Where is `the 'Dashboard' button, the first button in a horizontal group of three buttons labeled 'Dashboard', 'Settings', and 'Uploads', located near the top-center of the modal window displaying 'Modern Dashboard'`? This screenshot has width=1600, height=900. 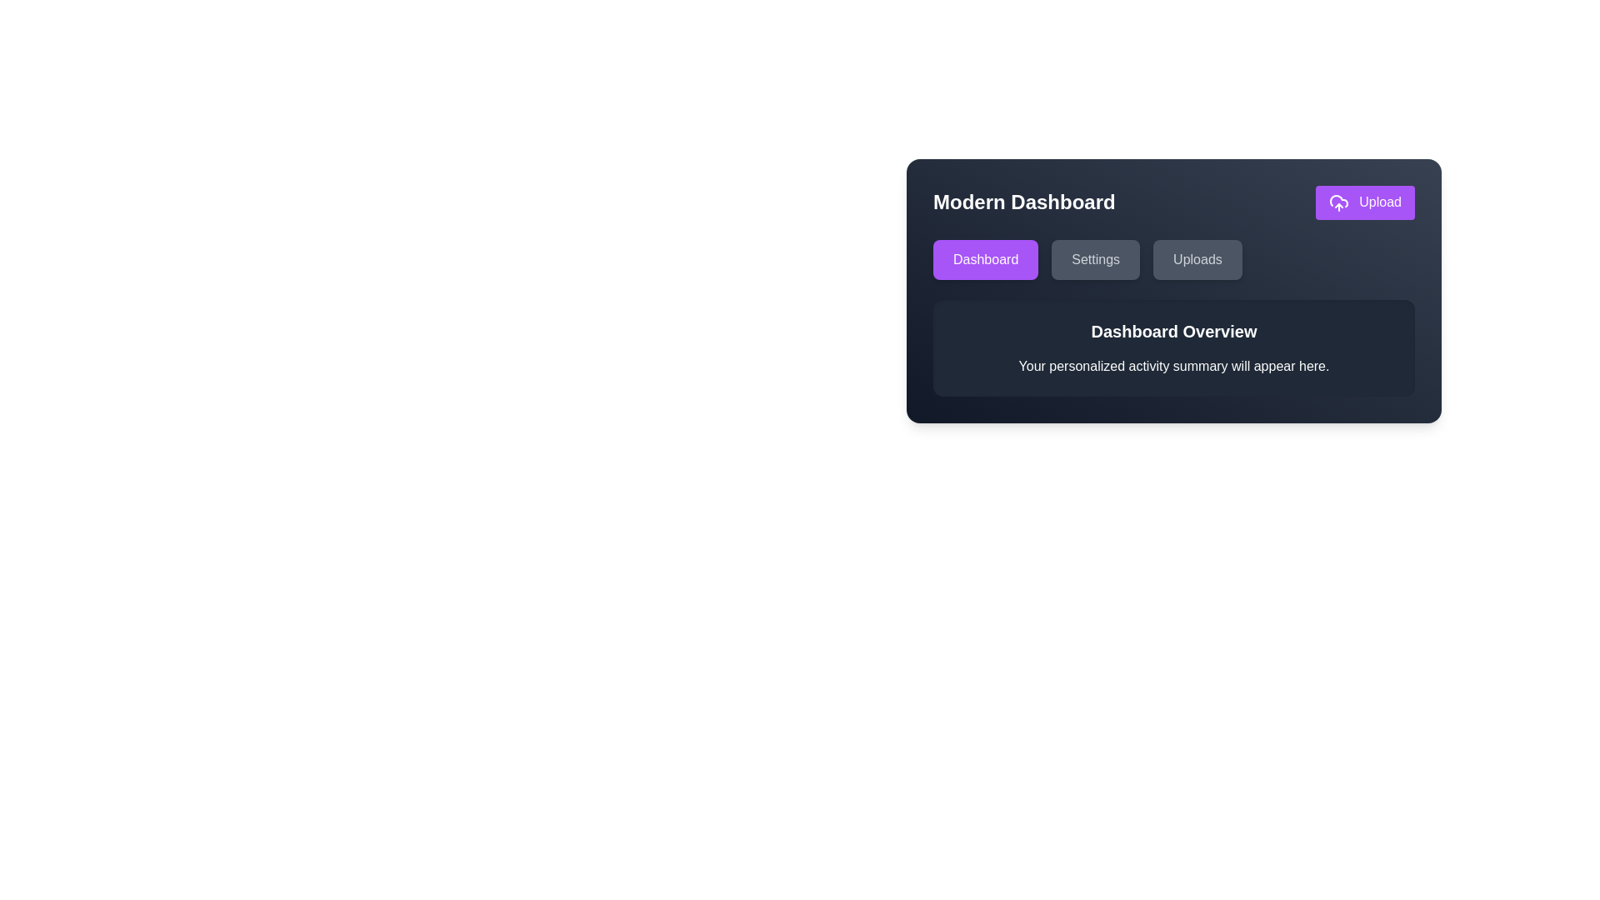
the 'Dashboard' button, the first button in a horizontal group of three buttons labeled 'Dashboard', 'Settings', and 'Uploads', located near the top-center of the modal window displaying 'Modern Dashboard' is located at coordinates (986, 259).